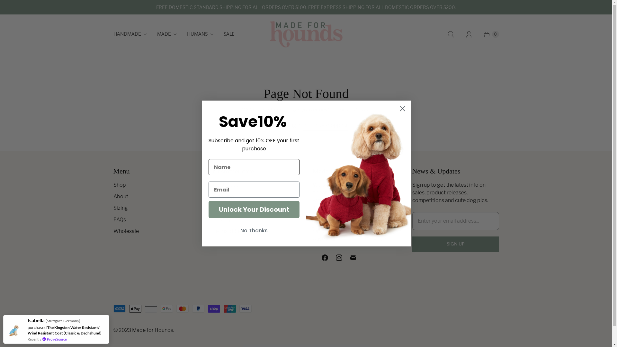 The width and height of the screenshot is (617, 347). I want to click on 'About', so click(120, 196).